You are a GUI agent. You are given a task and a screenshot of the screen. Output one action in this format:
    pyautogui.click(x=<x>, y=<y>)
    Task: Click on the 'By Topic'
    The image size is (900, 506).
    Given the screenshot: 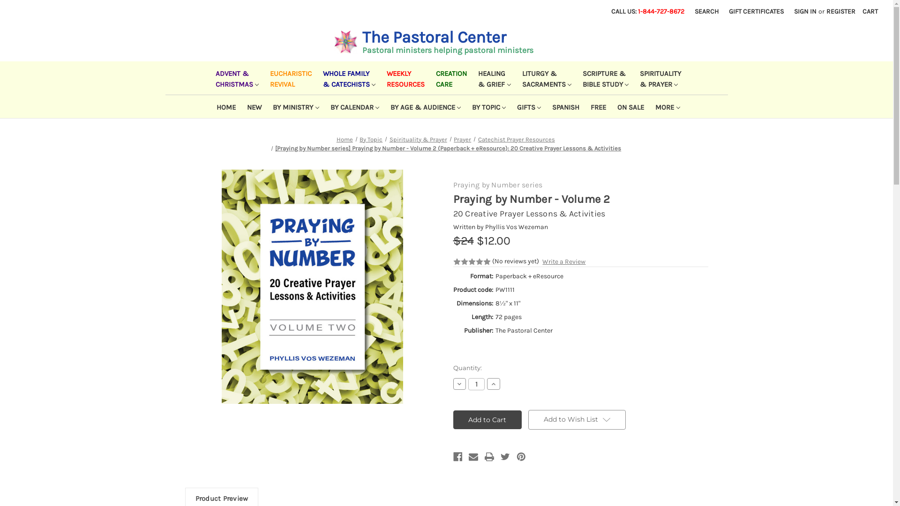 What is the action you would take?
    pyautogui.click(x=370, y=139)
    